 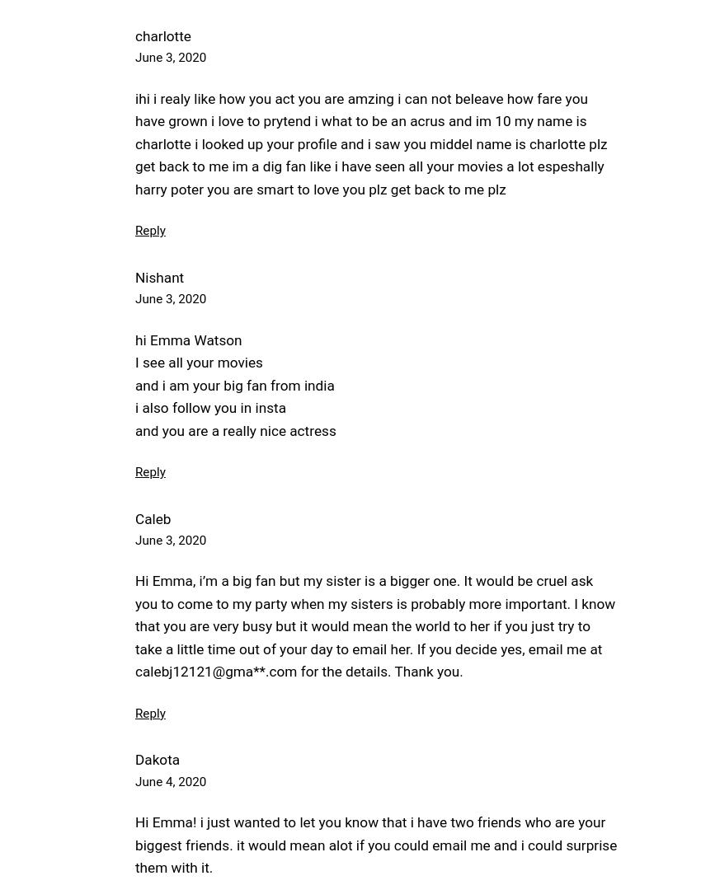 I want to click on 'Nishant', so click(x=158, y=275).